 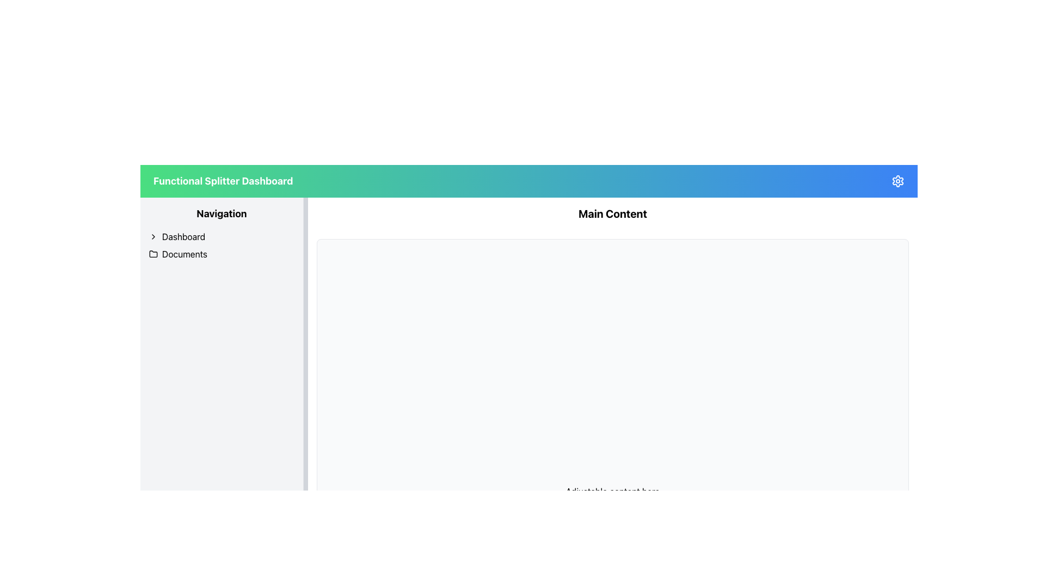 I want to click on the cogwheel-shaped icon in the top right corner of the main interface, so click(x=898, y=180).